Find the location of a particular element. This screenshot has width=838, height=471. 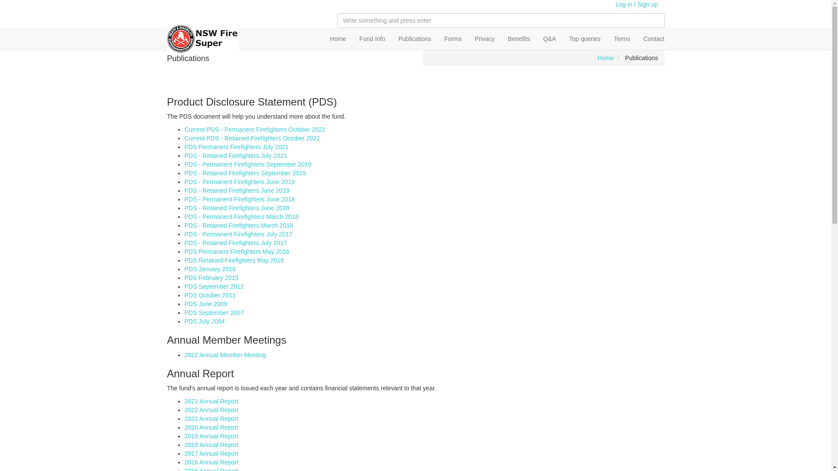

'2020 Annual Report' is located at coordinates (211, 427).